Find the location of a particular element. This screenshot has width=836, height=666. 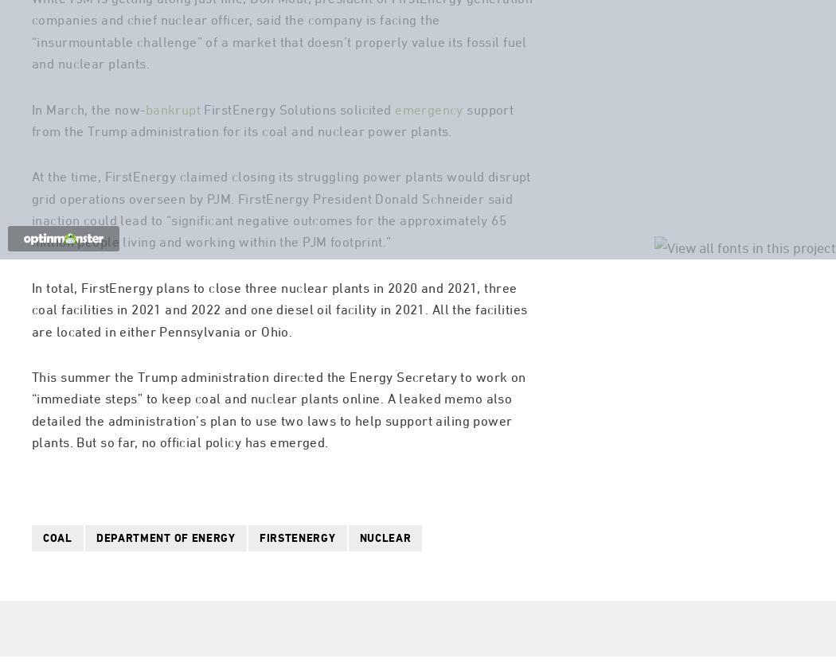

'support from the Trump administration for its coal and nuclear power plants.' is located at coordinates (272, 183).